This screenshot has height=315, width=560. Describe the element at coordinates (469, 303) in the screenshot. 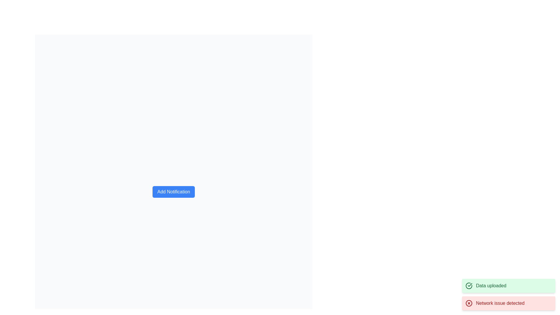

I see `the circular graphical shape that is part of the 'X' icon indicating a network issue` at that location.